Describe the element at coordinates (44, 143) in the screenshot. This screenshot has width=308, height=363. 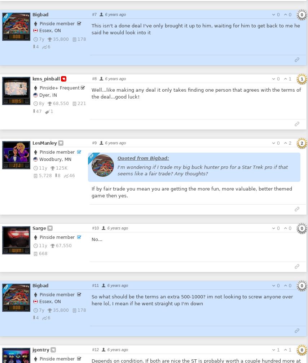
I see `'LesManley'` at that location.